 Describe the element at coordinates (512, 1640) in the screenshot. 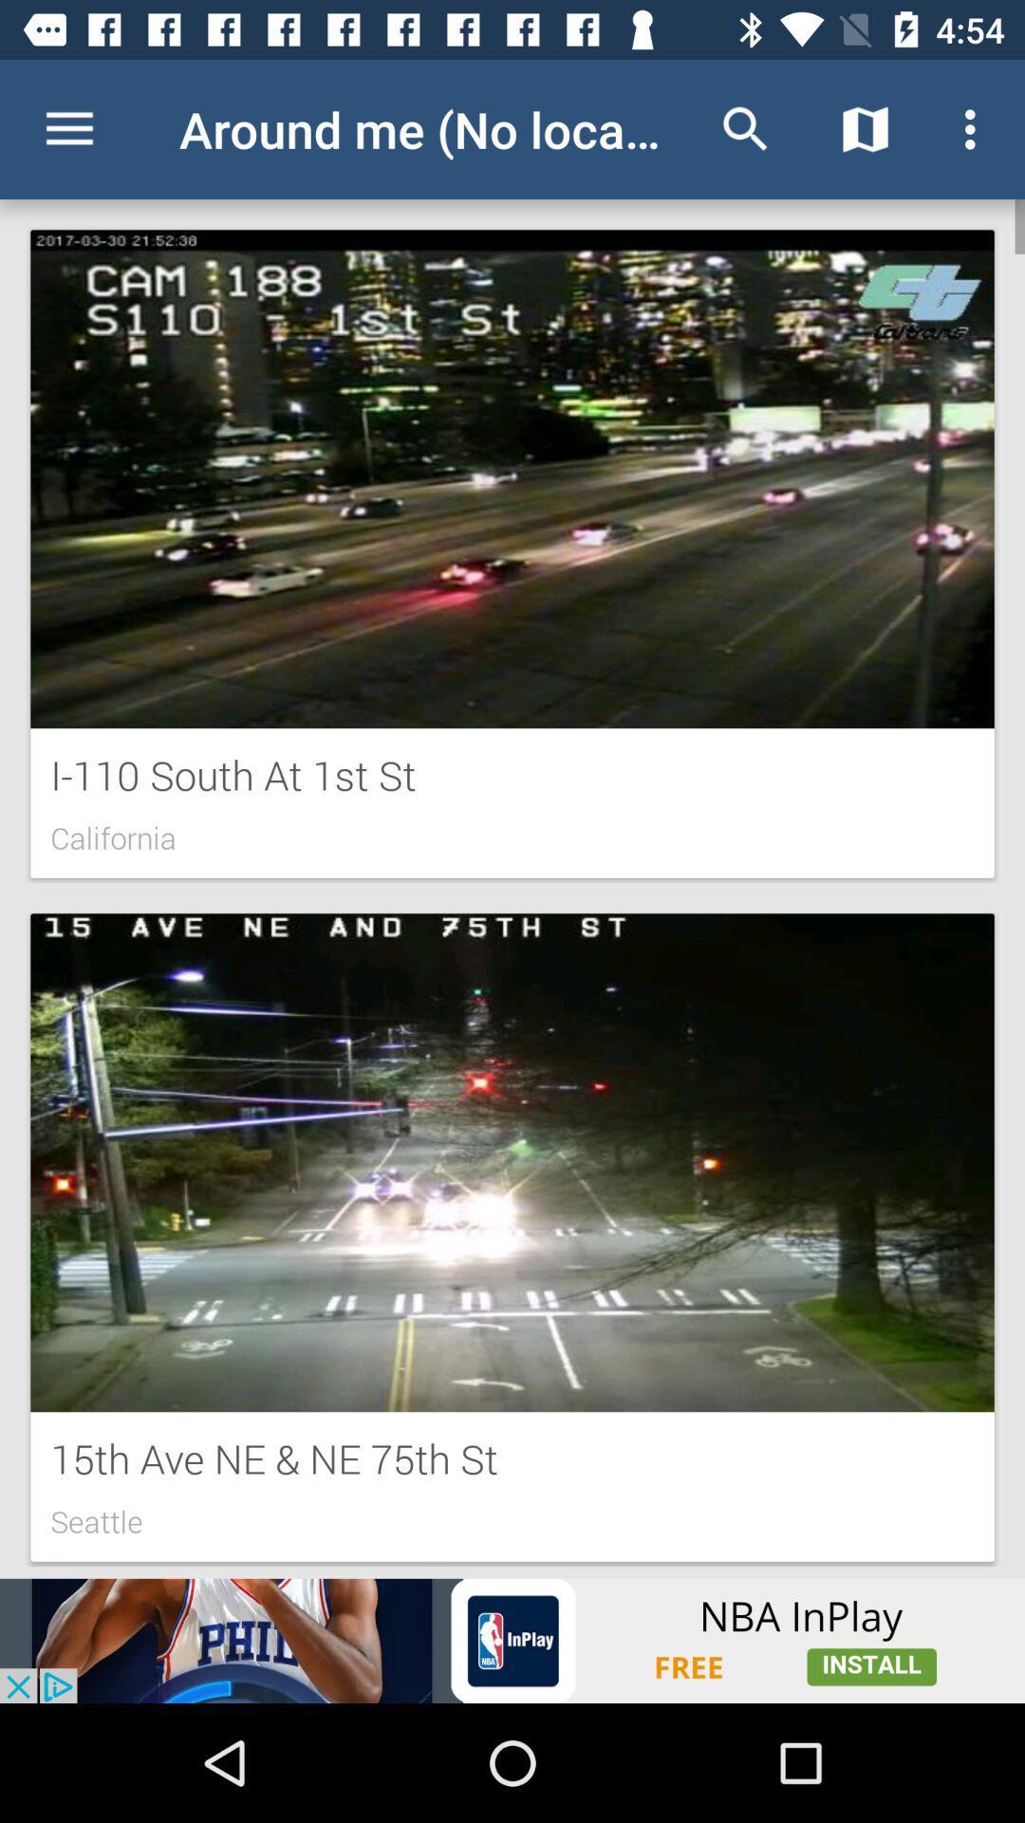

I see `advertising` at that location.